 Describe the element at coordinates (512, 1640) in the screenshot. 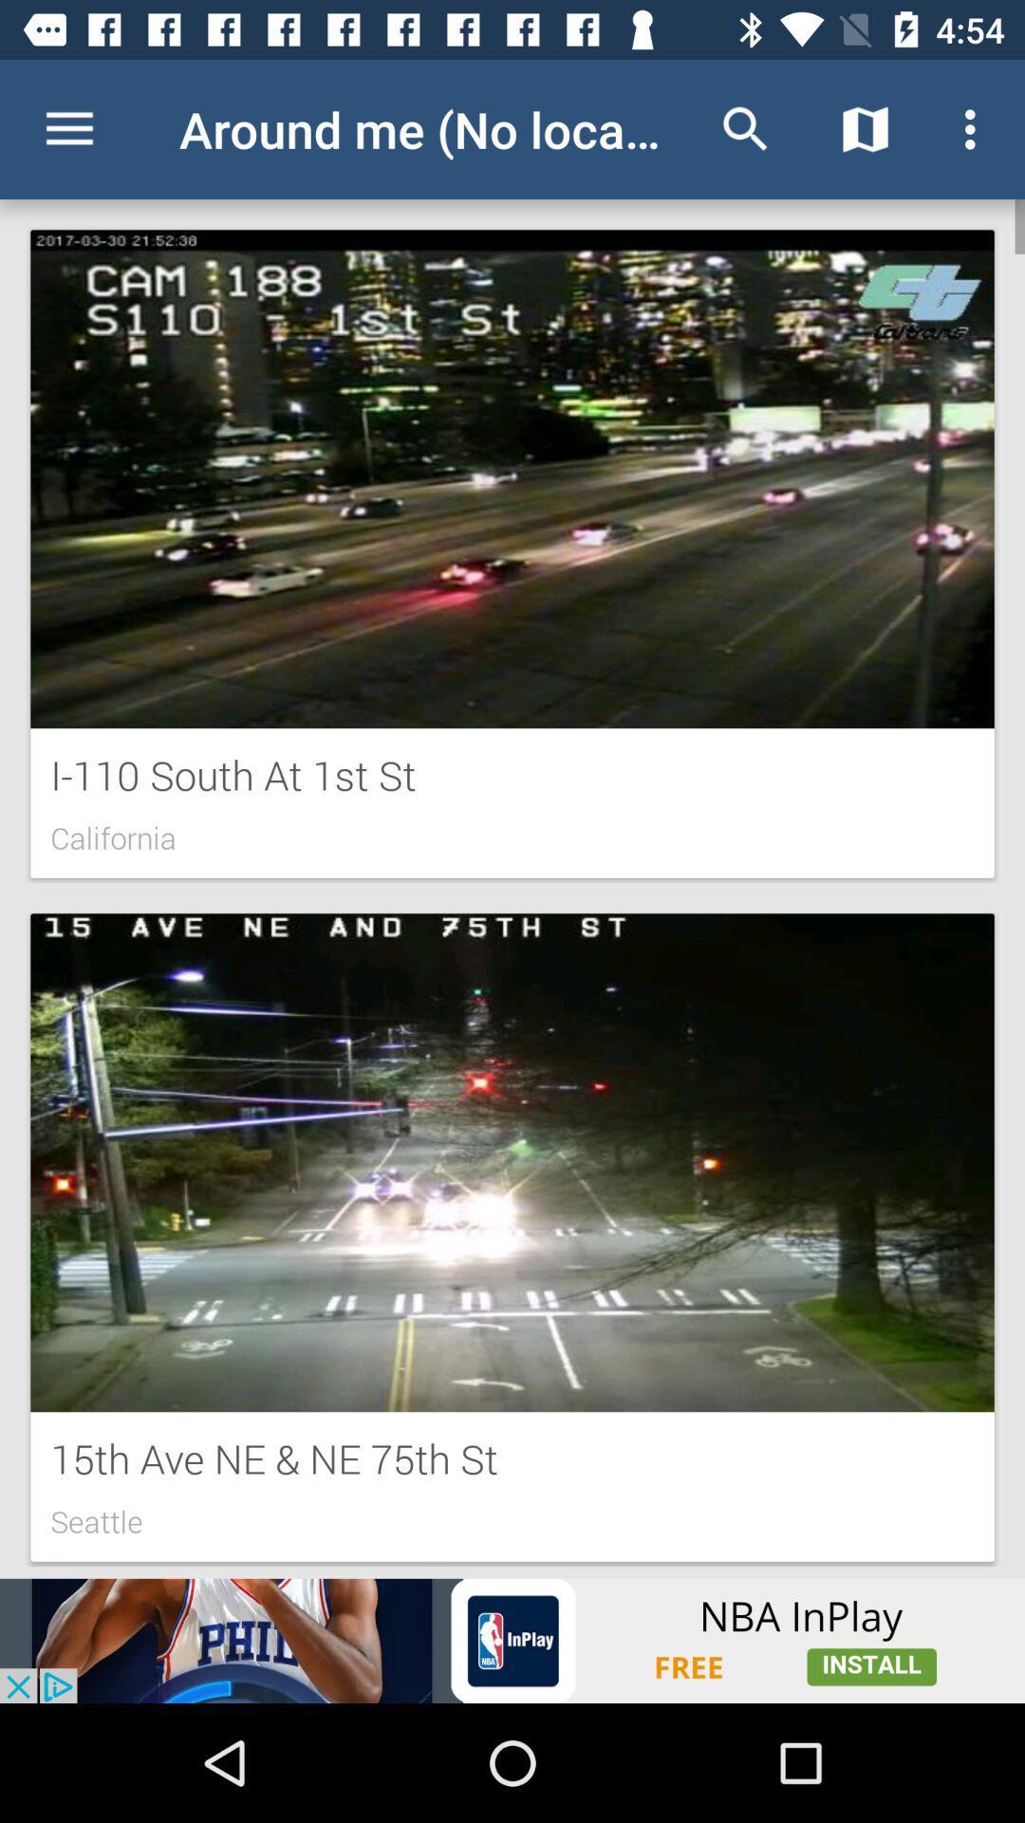

I see `advertising` at that location.